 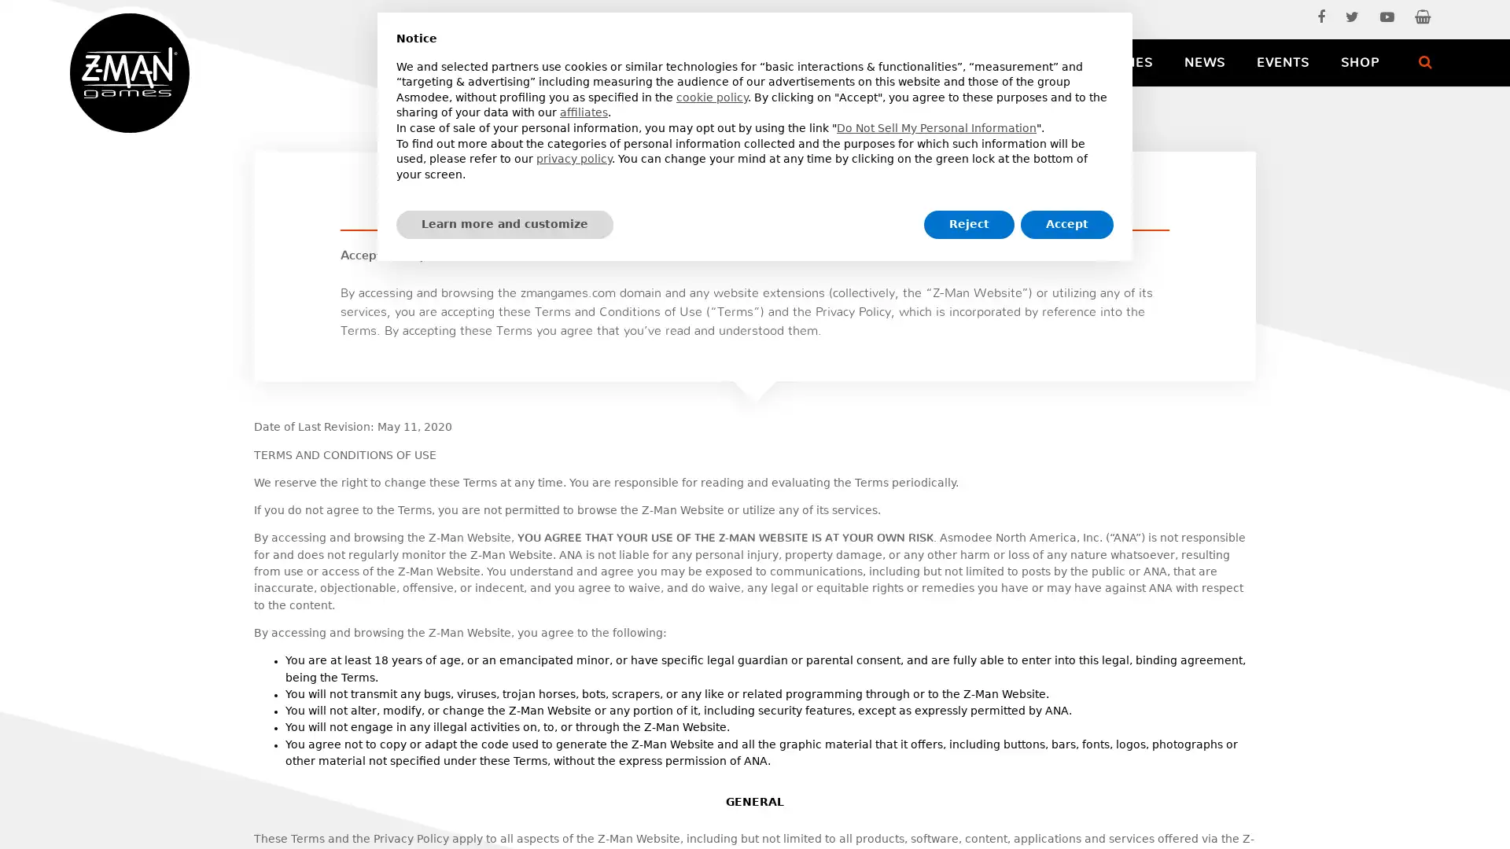 What do you see at coordinates (505, 224) in the screenshot?
I see `Learn more and customize` at bounding box center [505, 224].